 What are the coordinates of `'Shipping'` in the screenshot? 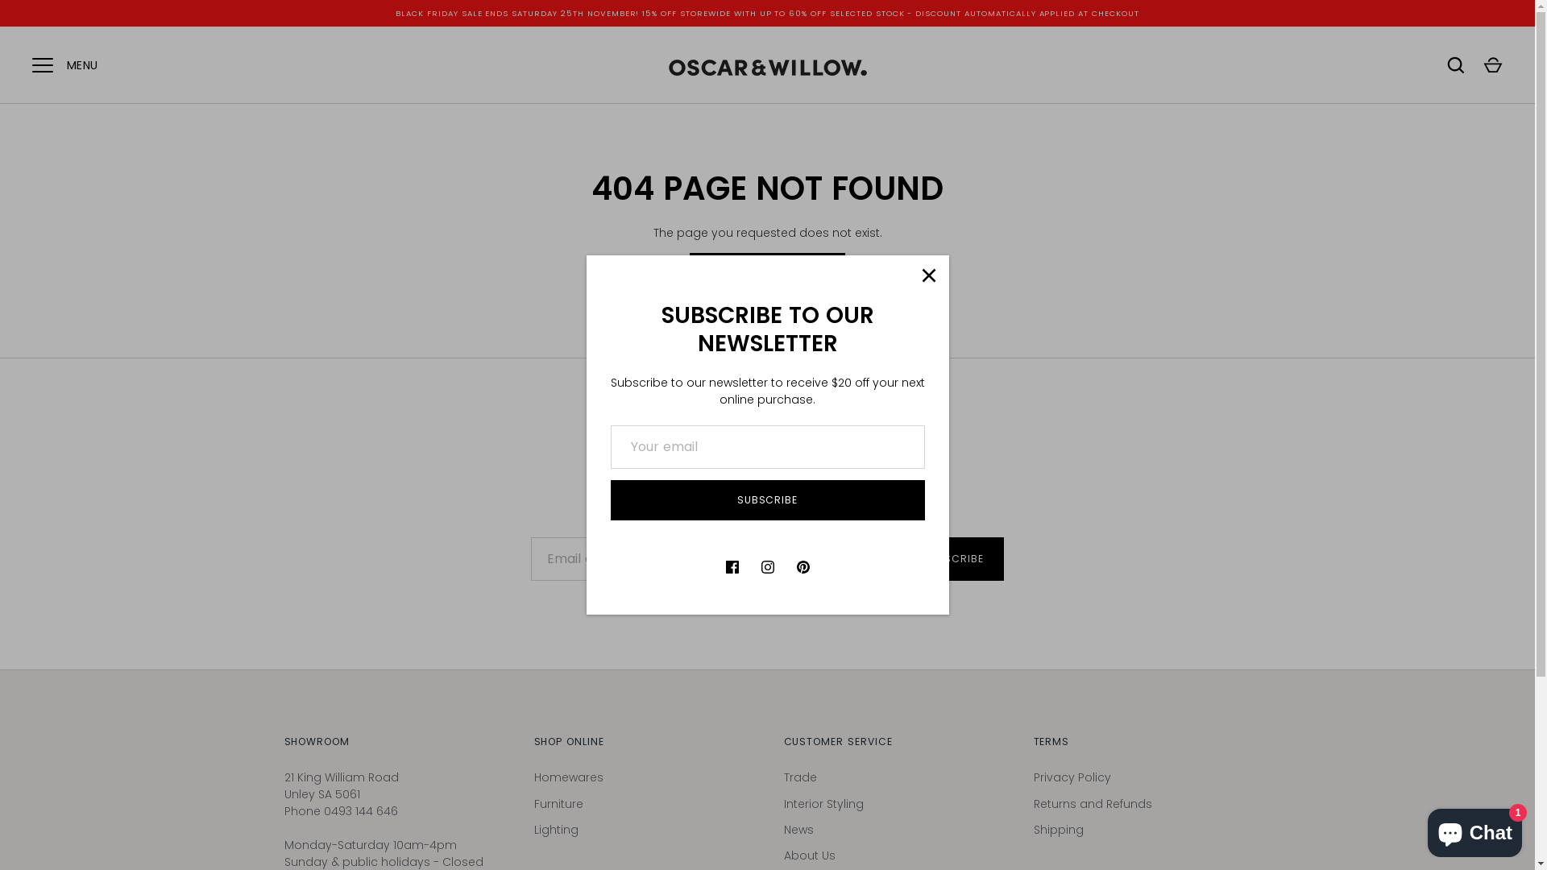 It's located at (1058, 829).